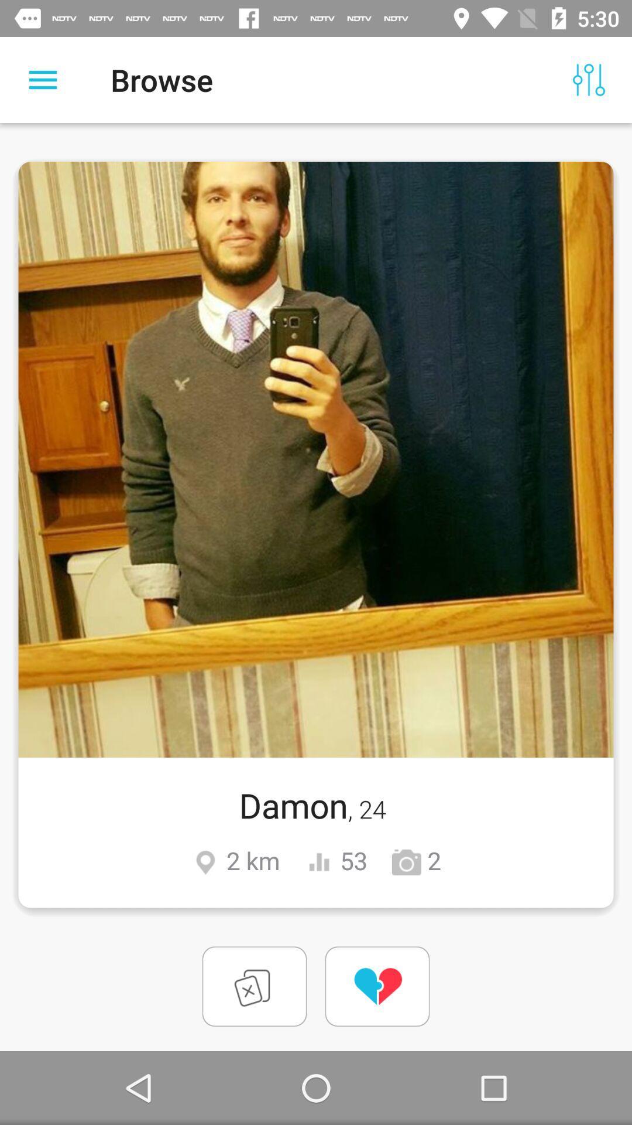 The width and height of the screenshot is (632, 1125). I want to click on see menu, so click(42, 79).